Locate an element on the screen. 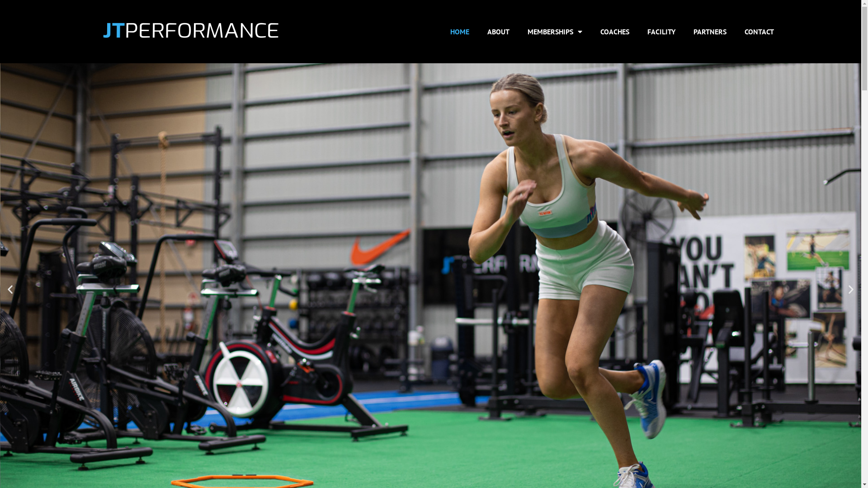  'ABOUT' is located at coordinates (498, 31).